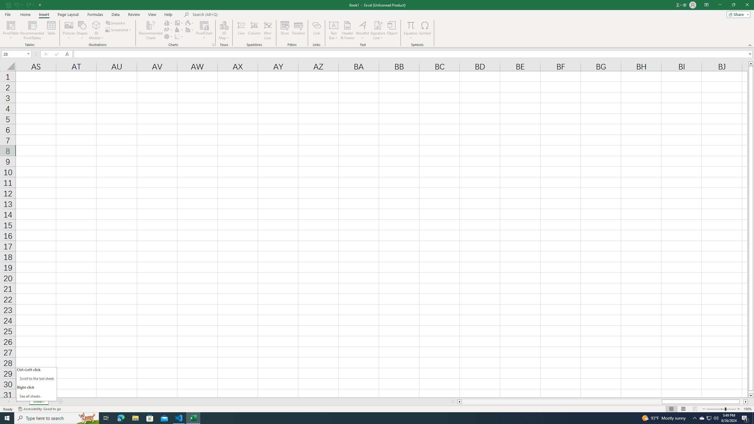 The height and width of the screenshot is (424, 754). Describe the element at coordinates (285, 30) in the screenshot. I see `'Slicer...'` at that location.